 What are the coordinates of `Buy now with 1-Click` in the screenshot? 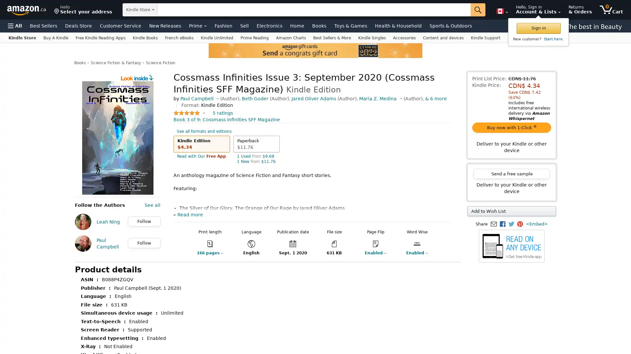 It's located at (511, 128).